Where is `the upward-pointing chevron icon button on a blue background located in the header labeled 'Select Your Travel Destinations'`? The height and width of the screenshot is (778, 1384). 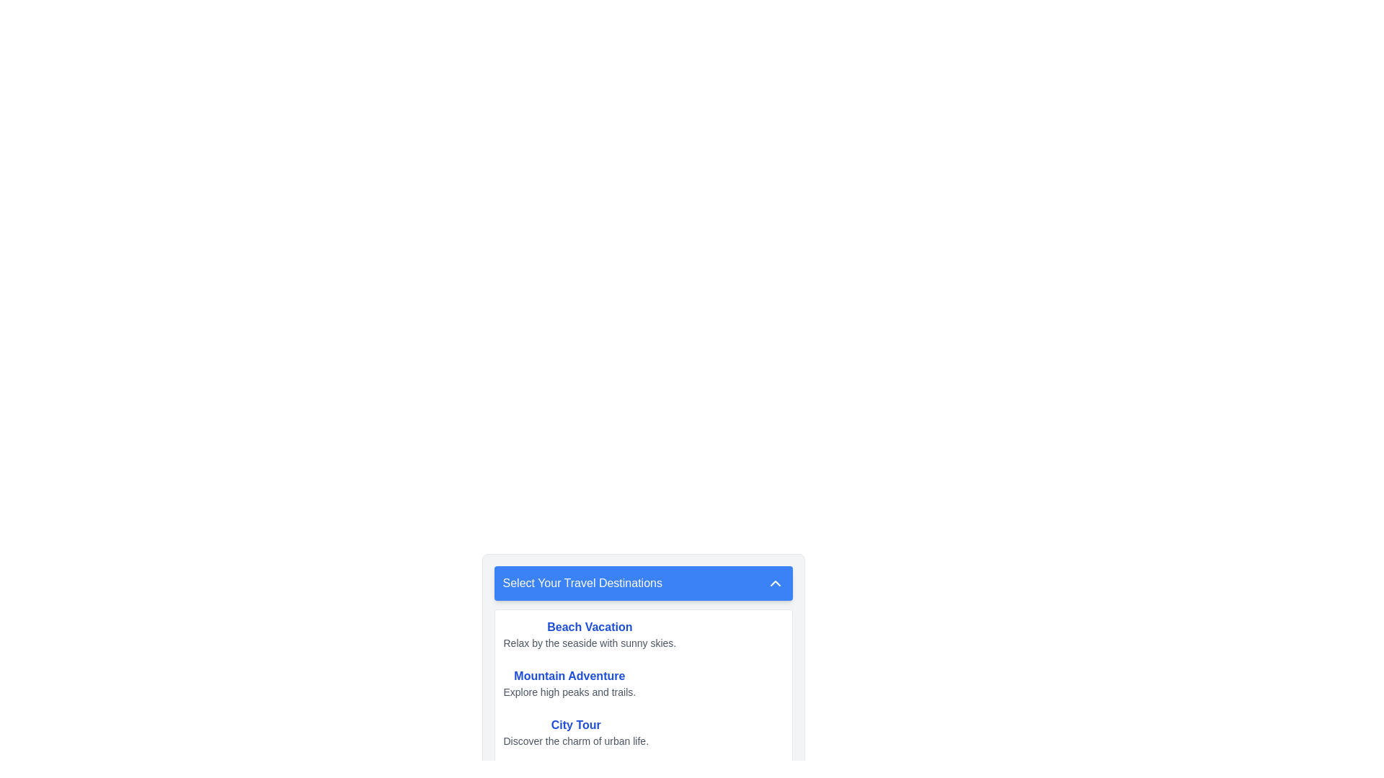 the upward-pointing chevron icon button on a blue background located in the header labeled 'Select Your Travel Destinations' is located at coordinates (774, 583).